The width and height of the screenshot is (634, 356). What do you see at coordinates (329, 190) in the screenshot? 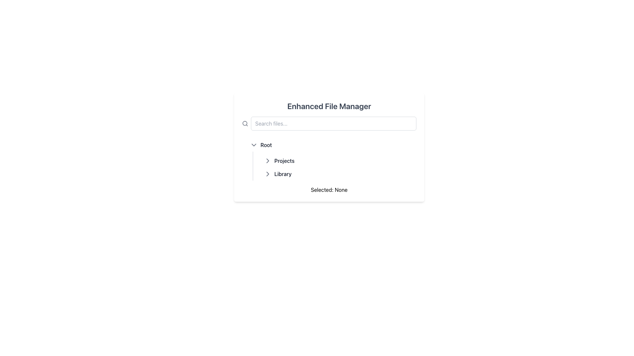
I see `the static text label indicating the current selection status, which currently shows 'None', located at the bottom of the 'Enhanced File Manager' section` at bounding box center [329, 190].